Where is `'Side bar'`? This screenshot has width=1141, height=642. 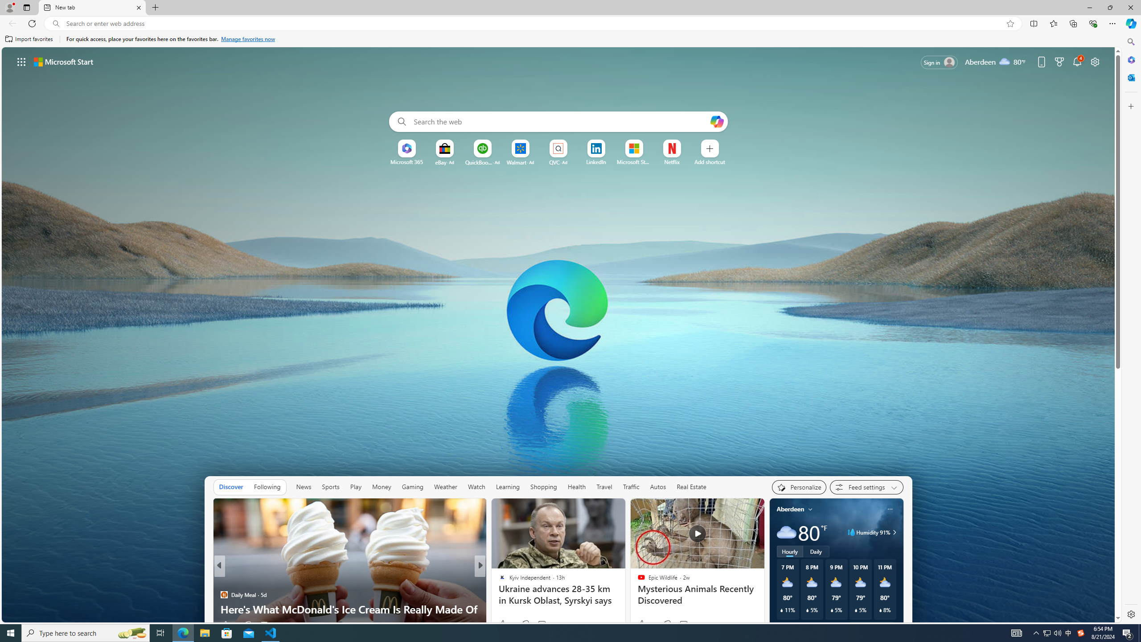
'Side bar' is located at coordinates (1131, 328).